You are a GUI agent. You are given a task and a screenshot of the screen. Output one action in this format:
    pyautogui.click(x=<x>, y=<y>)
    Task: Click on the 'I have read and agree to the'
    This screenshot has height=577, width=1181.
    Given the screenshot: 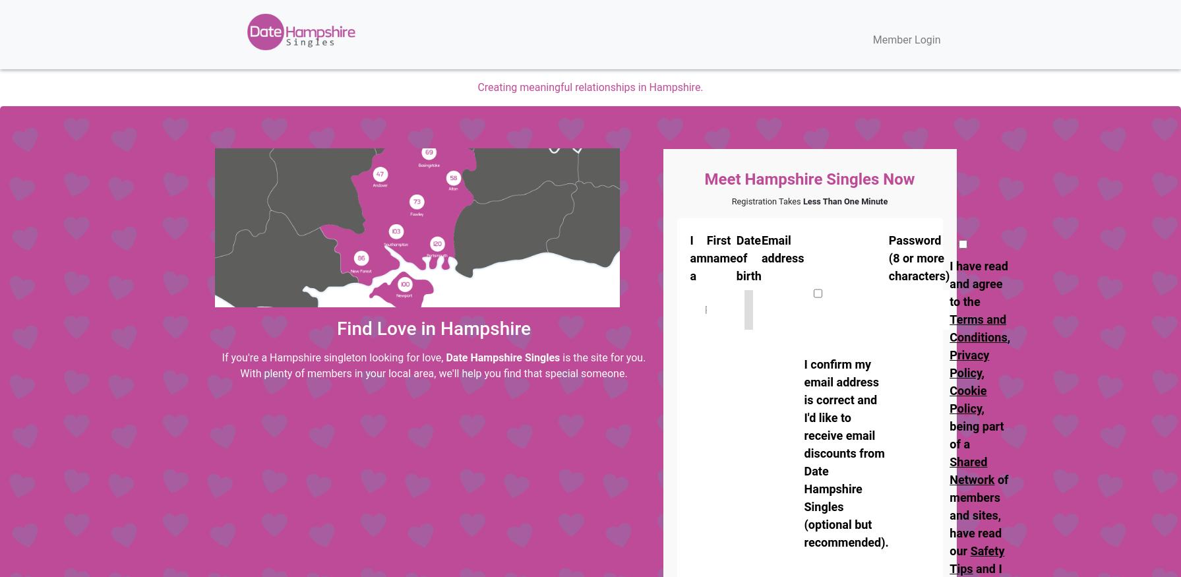 What is the action you would take?
    pyautogui.click(x=978, y=283)
    